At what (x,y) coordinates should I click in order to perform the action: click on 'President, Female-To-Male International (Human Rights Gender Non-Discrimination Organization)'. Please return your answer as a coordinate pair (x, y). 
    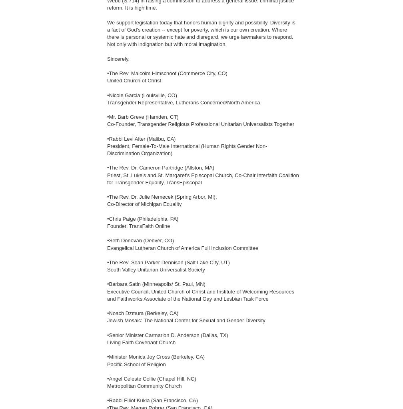
    Looking at the image, I should click on (107, 149).